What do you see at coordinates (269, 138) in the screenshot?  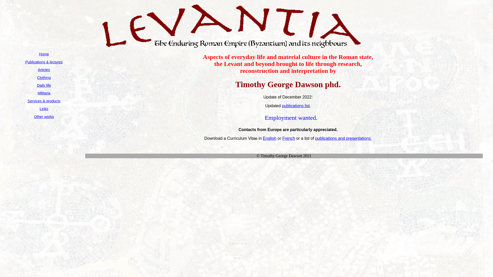 I see `'English'` at bounding box center [269, 138].